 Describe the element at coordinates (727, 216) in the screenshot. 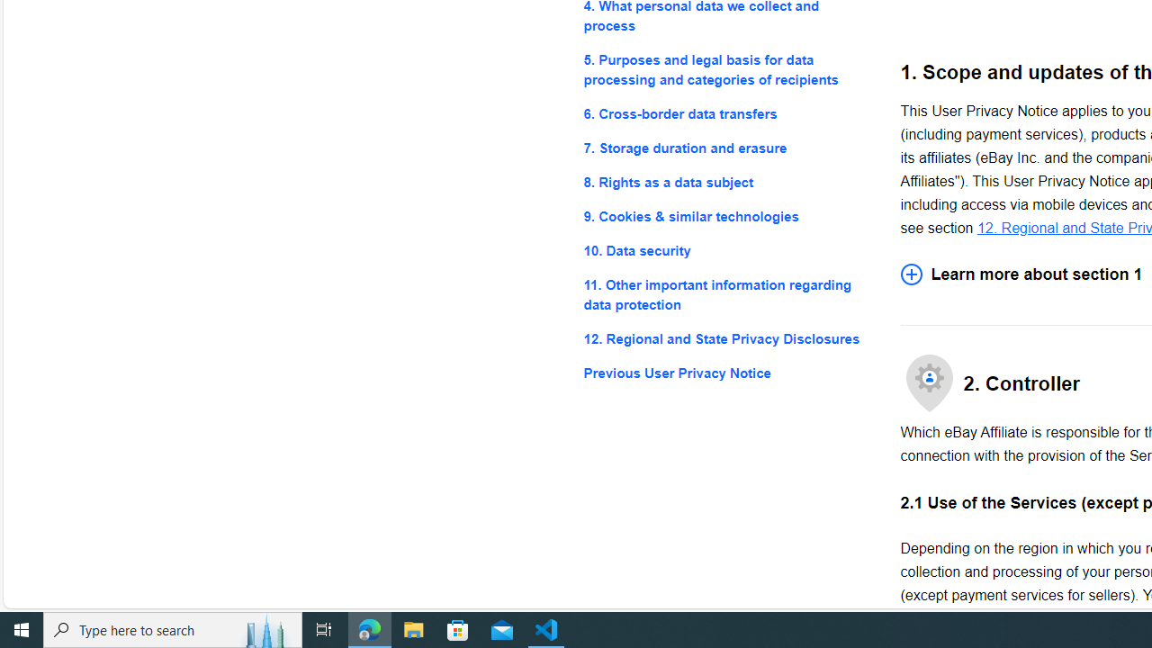

I see `'9. Cookies & similar technologies'` at that location.